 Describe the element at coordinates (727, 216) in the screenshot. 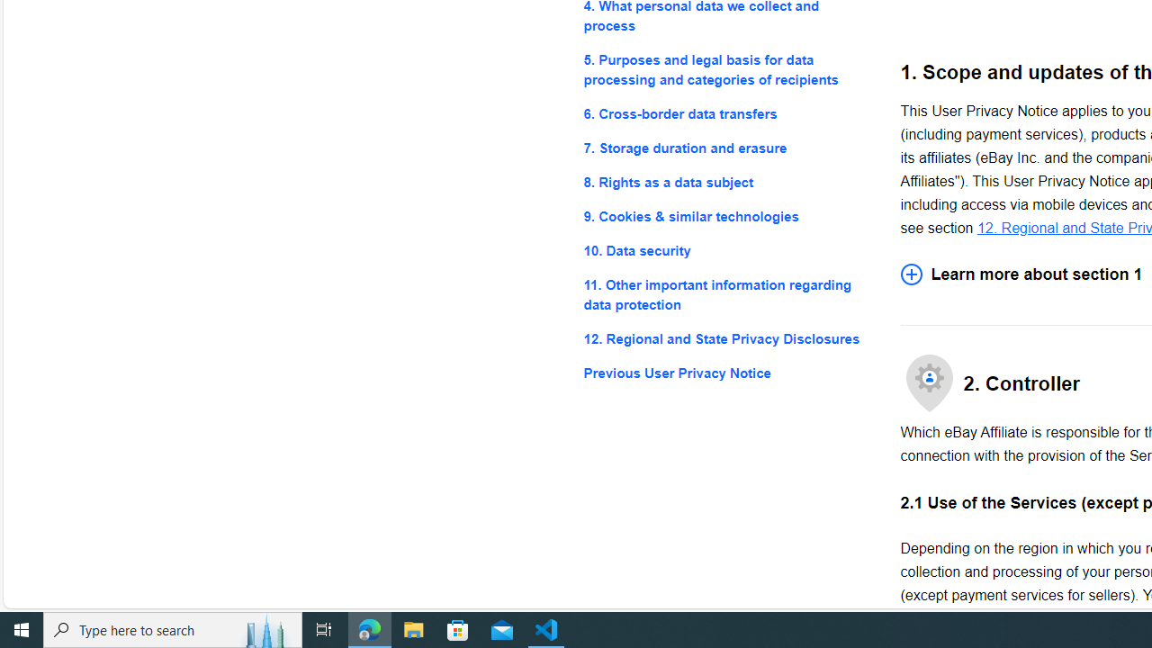

I see `'9. Cookies & similar technologies'` at that location.